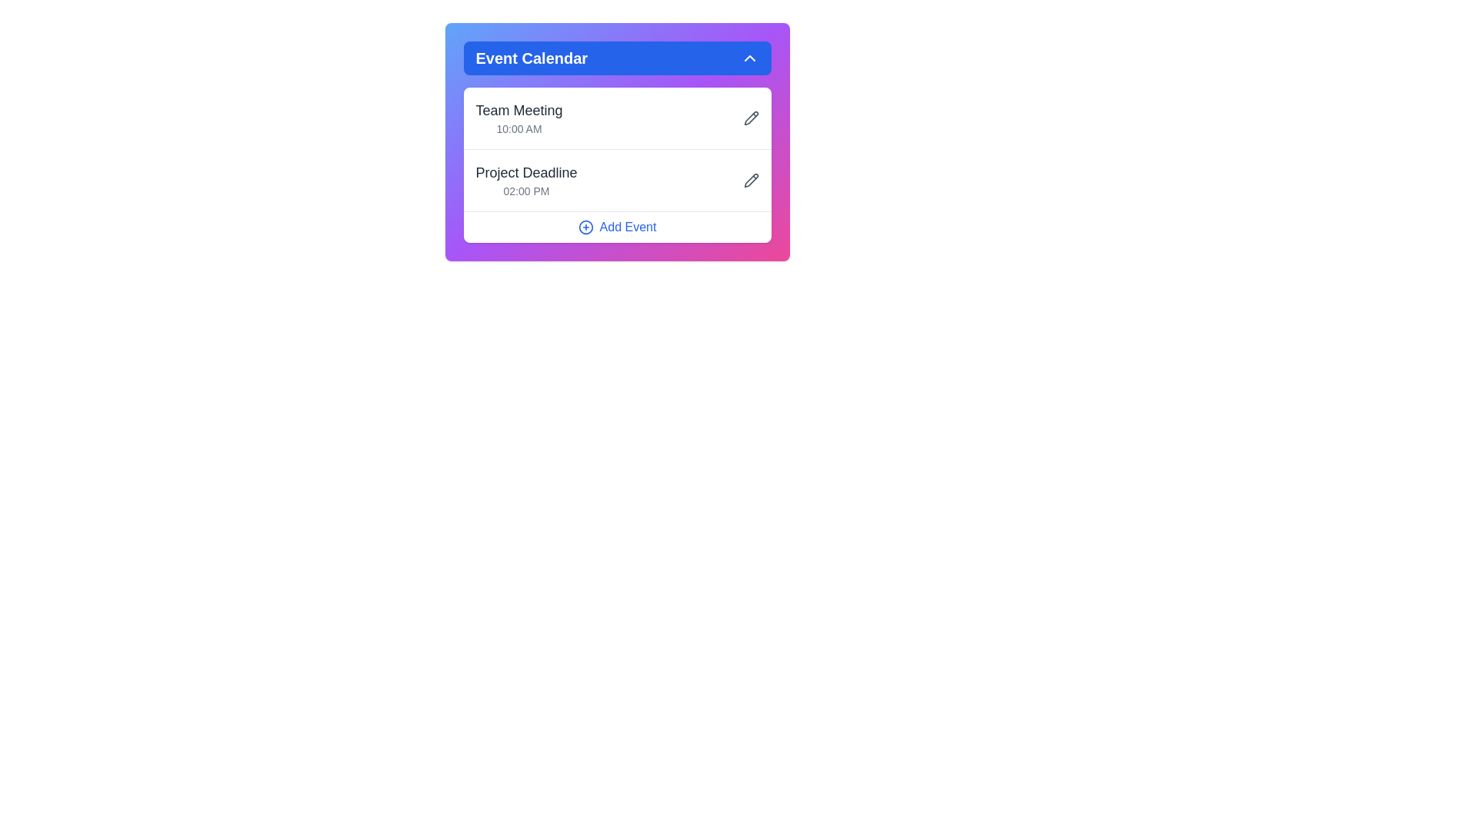 Image resolution: width=1477 pixels, height=830 pixels. What do you see at coordinates (751, 118) in the screenshot?
I see `the pencil icon corresponding to the event titled Team Meeting` at bounding box center [751, 118].